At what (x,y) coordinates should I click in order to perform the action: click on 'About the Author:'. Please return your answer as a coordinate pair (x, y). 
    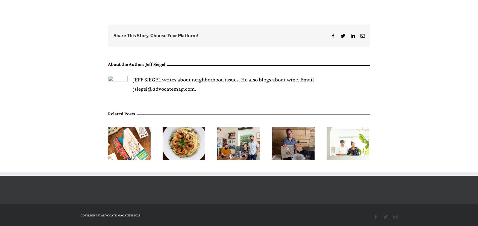
    Looking at the image, I should click on (108, 64).